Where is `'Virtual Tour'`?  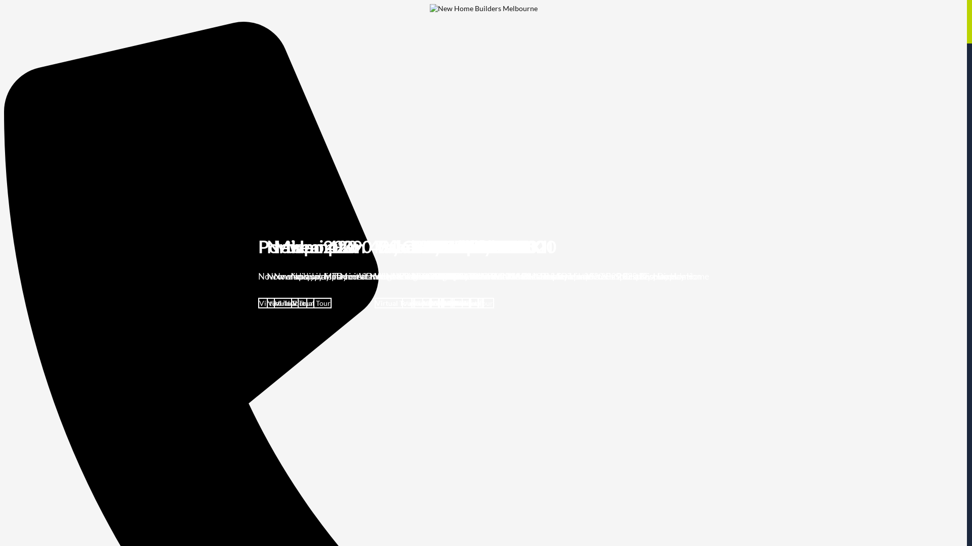 'Virtual Tour' is located at coordinates (310, 302).